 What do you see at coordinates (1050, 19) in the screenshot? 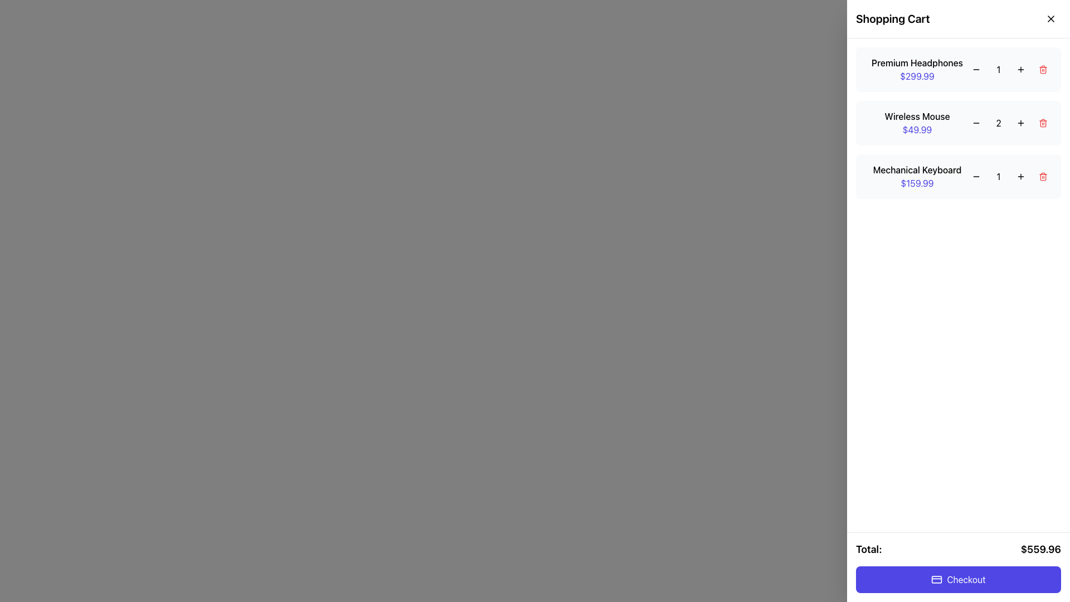
I see `the close button located at the top-right corner of the 'Shopping Cart' panel` at bounding box center [1050, 19].